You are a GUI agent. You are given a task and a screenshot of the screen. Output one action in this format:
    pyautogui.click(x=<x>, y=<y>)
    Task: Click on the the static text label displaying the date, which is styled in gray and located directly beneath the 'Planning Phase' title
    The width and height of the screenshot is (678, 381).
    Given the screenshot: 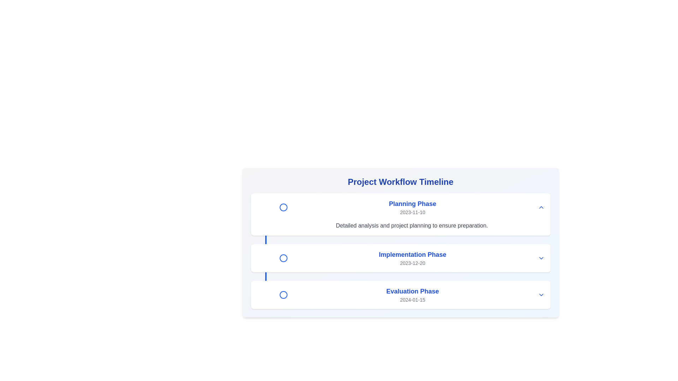 What is the action you would take?
    pyautogui.click(x=412, y=212)
    